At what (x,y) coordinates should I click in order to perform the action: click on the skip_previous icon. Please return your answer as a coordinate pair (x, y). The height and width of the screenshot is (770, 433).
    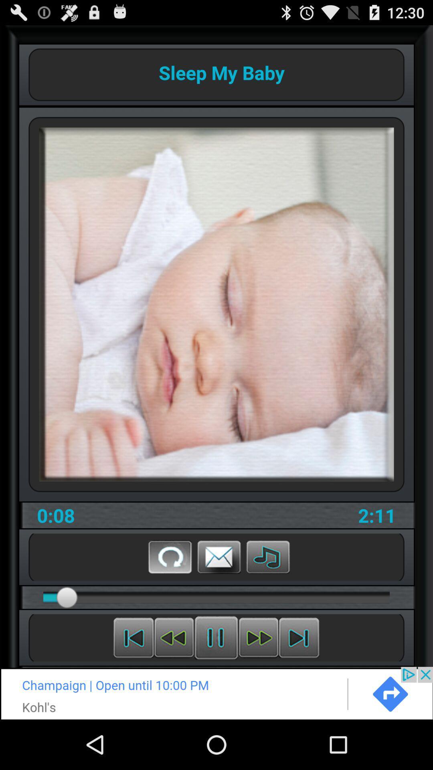
    Looking at the image, I should click on (133, 682).